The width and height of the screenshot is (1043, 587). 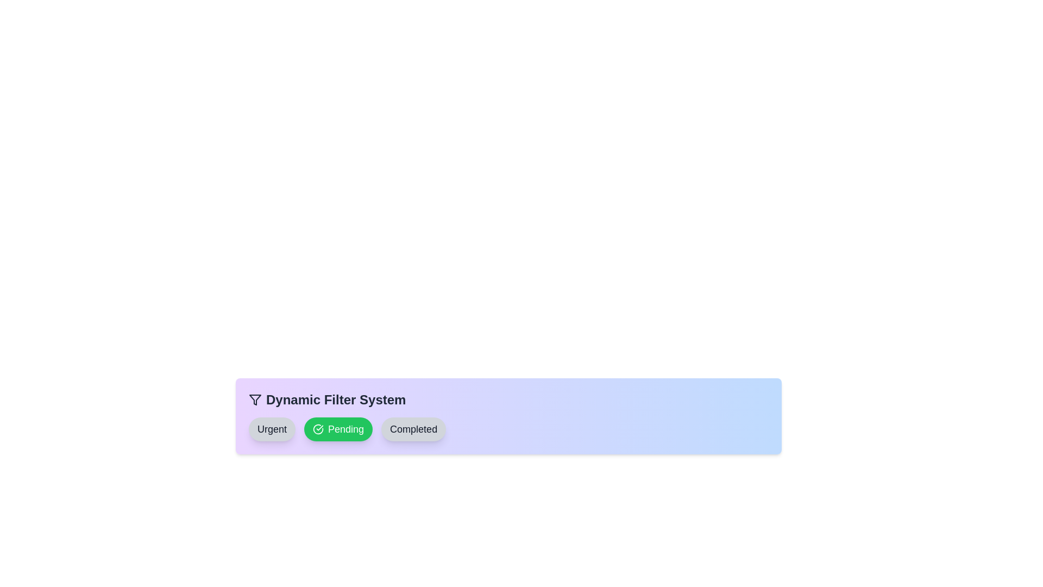 I want to click on the filter chip labeled Pending, so click(x=338, y=429).